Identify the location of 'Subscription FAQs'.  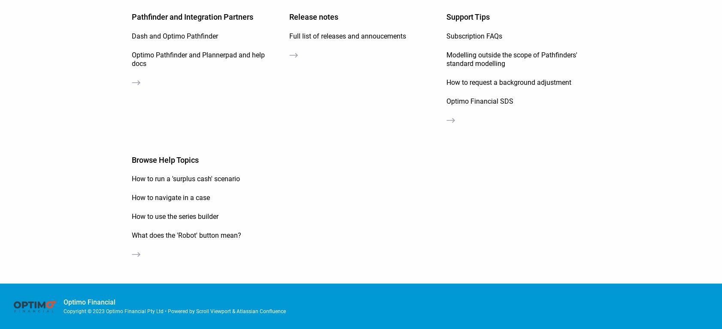
(474, 35).